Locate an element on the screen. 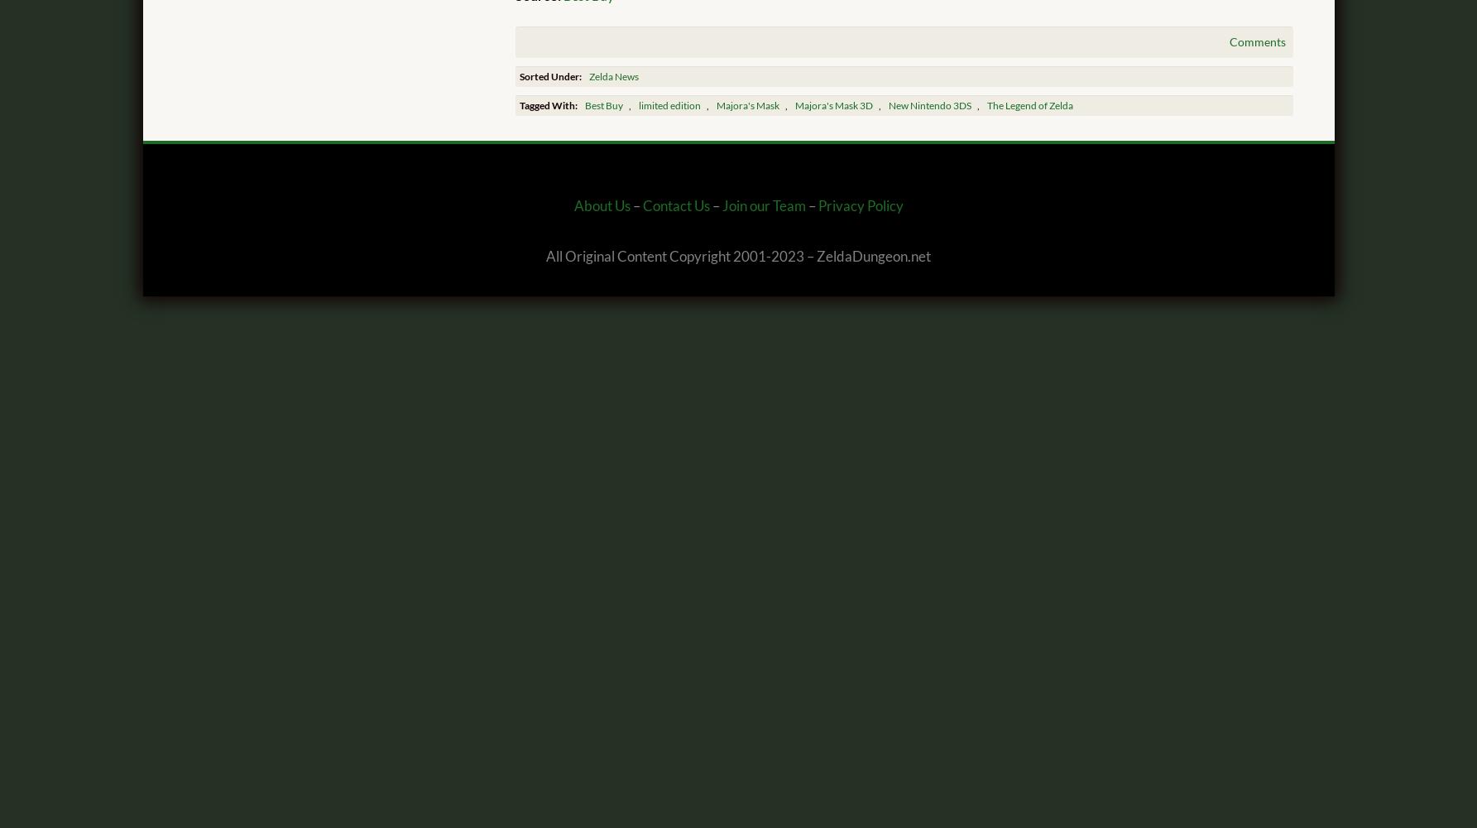  'Majora's Mask' is located at coordinates (716, 105).